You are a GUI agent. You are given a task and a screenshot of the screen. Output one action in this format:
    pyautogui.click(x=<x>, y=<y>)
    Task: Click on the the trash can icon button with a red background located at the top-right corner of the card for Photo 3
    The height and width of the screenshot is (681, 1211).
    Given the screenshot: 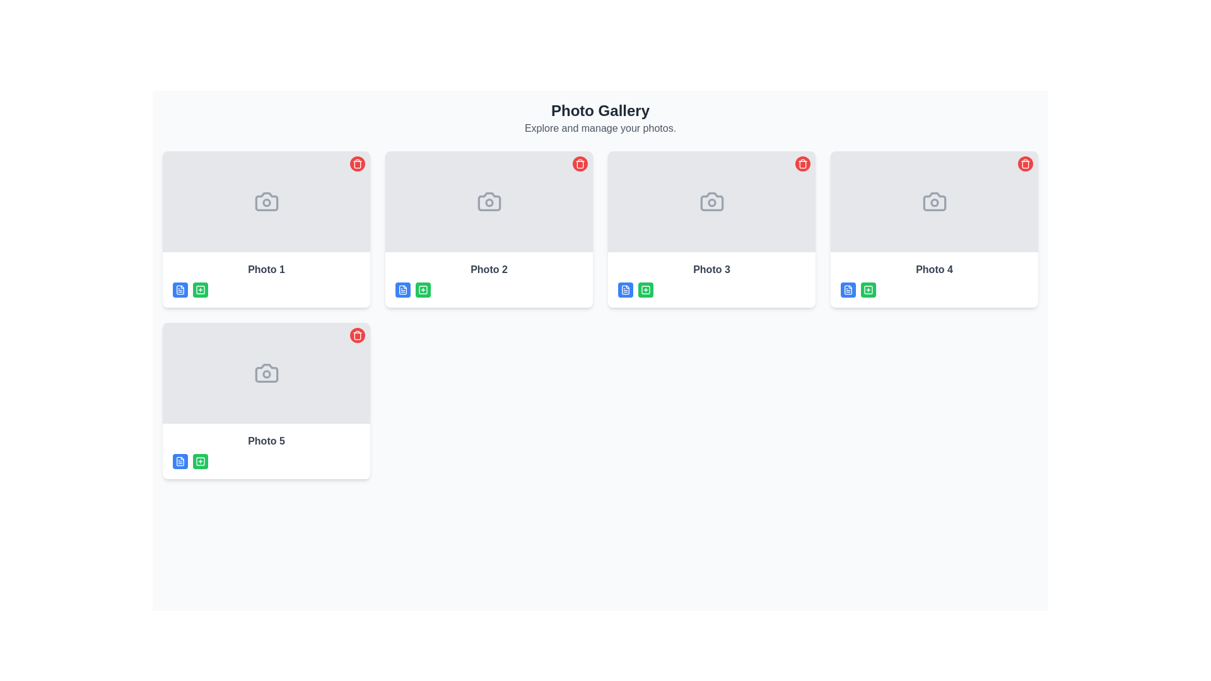 What is the action you would take?
    pyautogui.click(x=802, y=163)
    